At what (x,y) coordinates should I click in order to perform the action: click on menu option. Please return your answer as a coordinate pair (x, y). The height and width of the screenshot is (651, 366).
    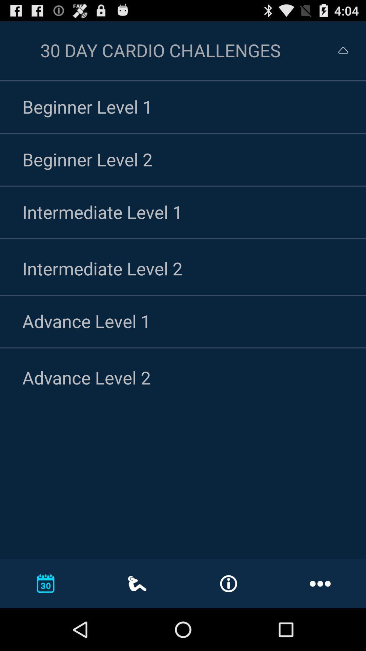
    Looking at the image, I should click on (337, 50).